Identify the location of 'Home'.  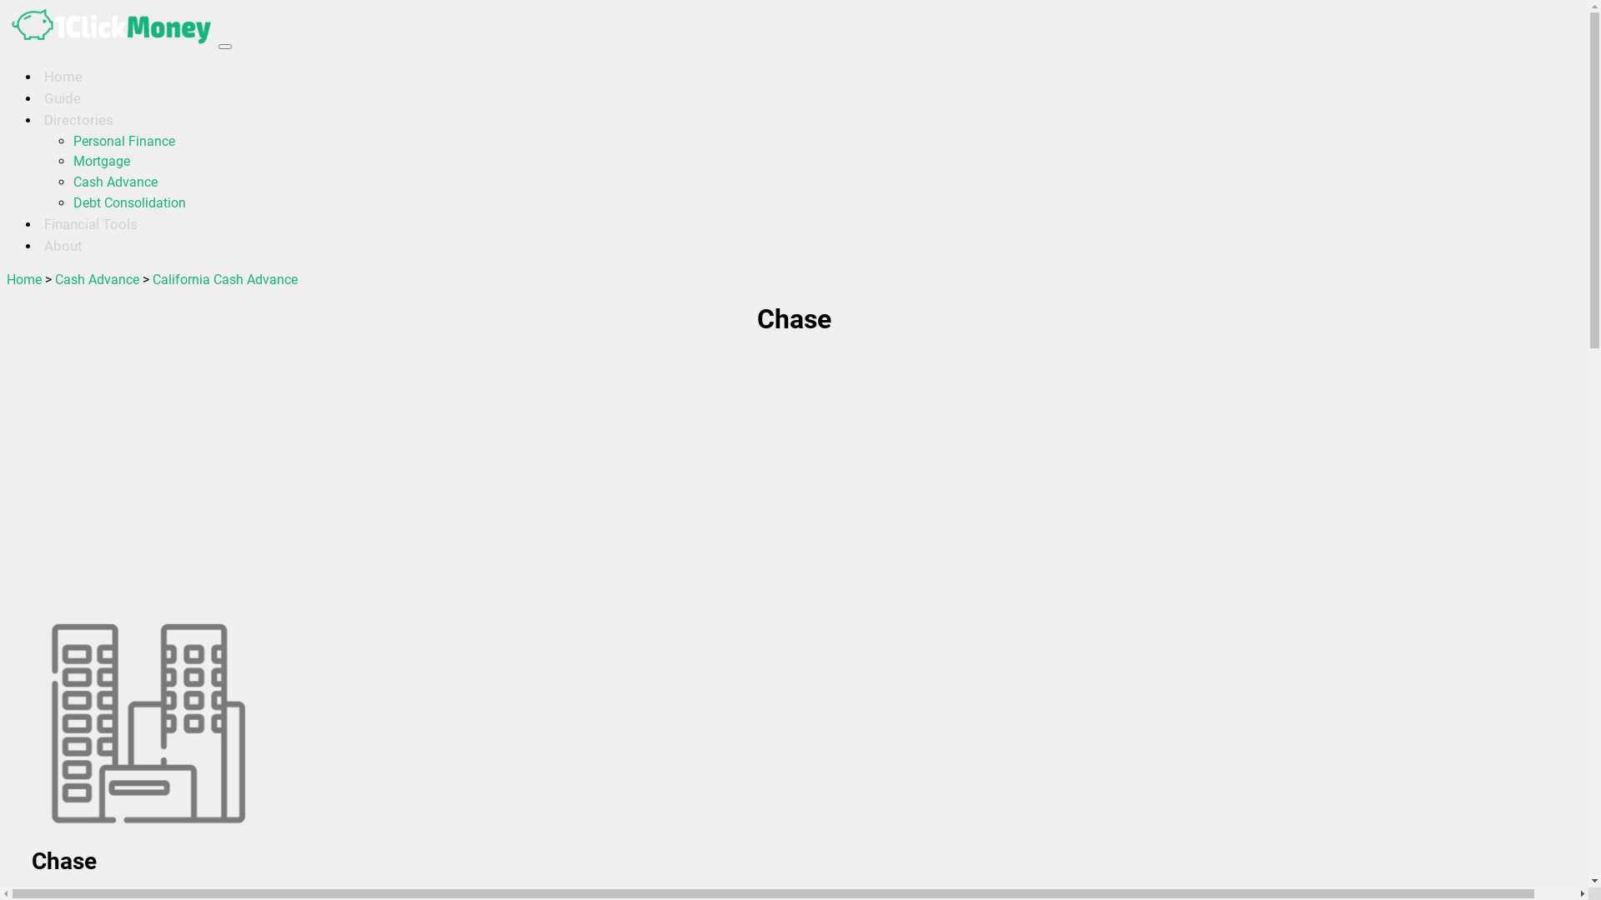
(63, 77).